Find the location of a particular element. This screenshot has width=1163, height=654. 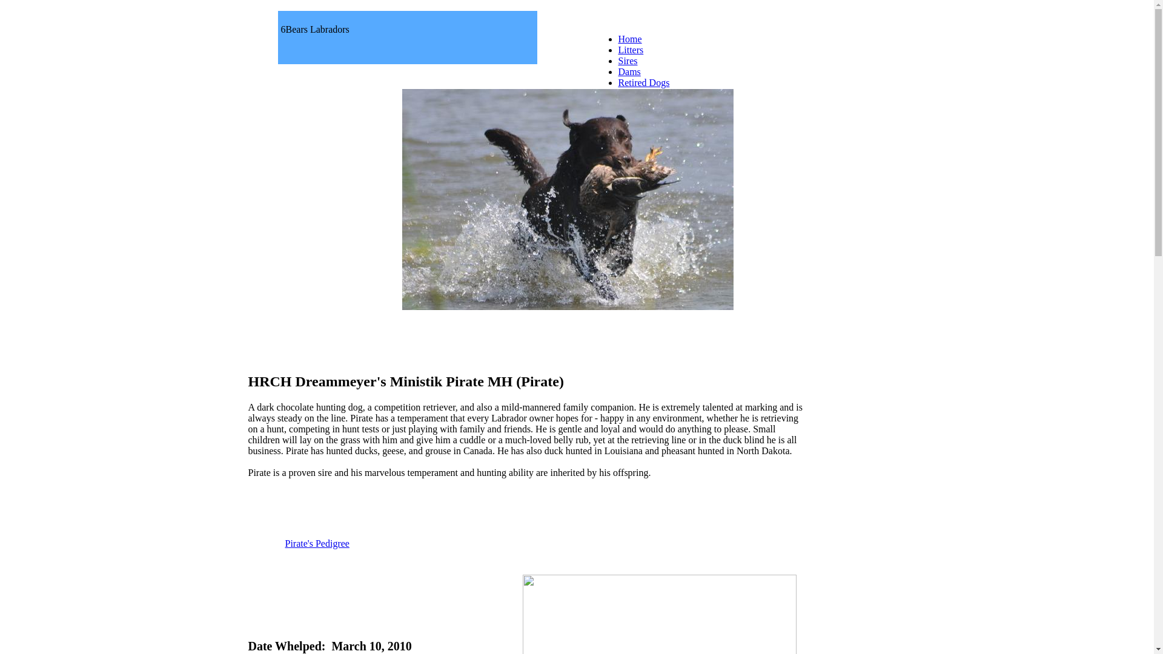

'Pirate's Pedigree' is located at coordinates (317, 543).